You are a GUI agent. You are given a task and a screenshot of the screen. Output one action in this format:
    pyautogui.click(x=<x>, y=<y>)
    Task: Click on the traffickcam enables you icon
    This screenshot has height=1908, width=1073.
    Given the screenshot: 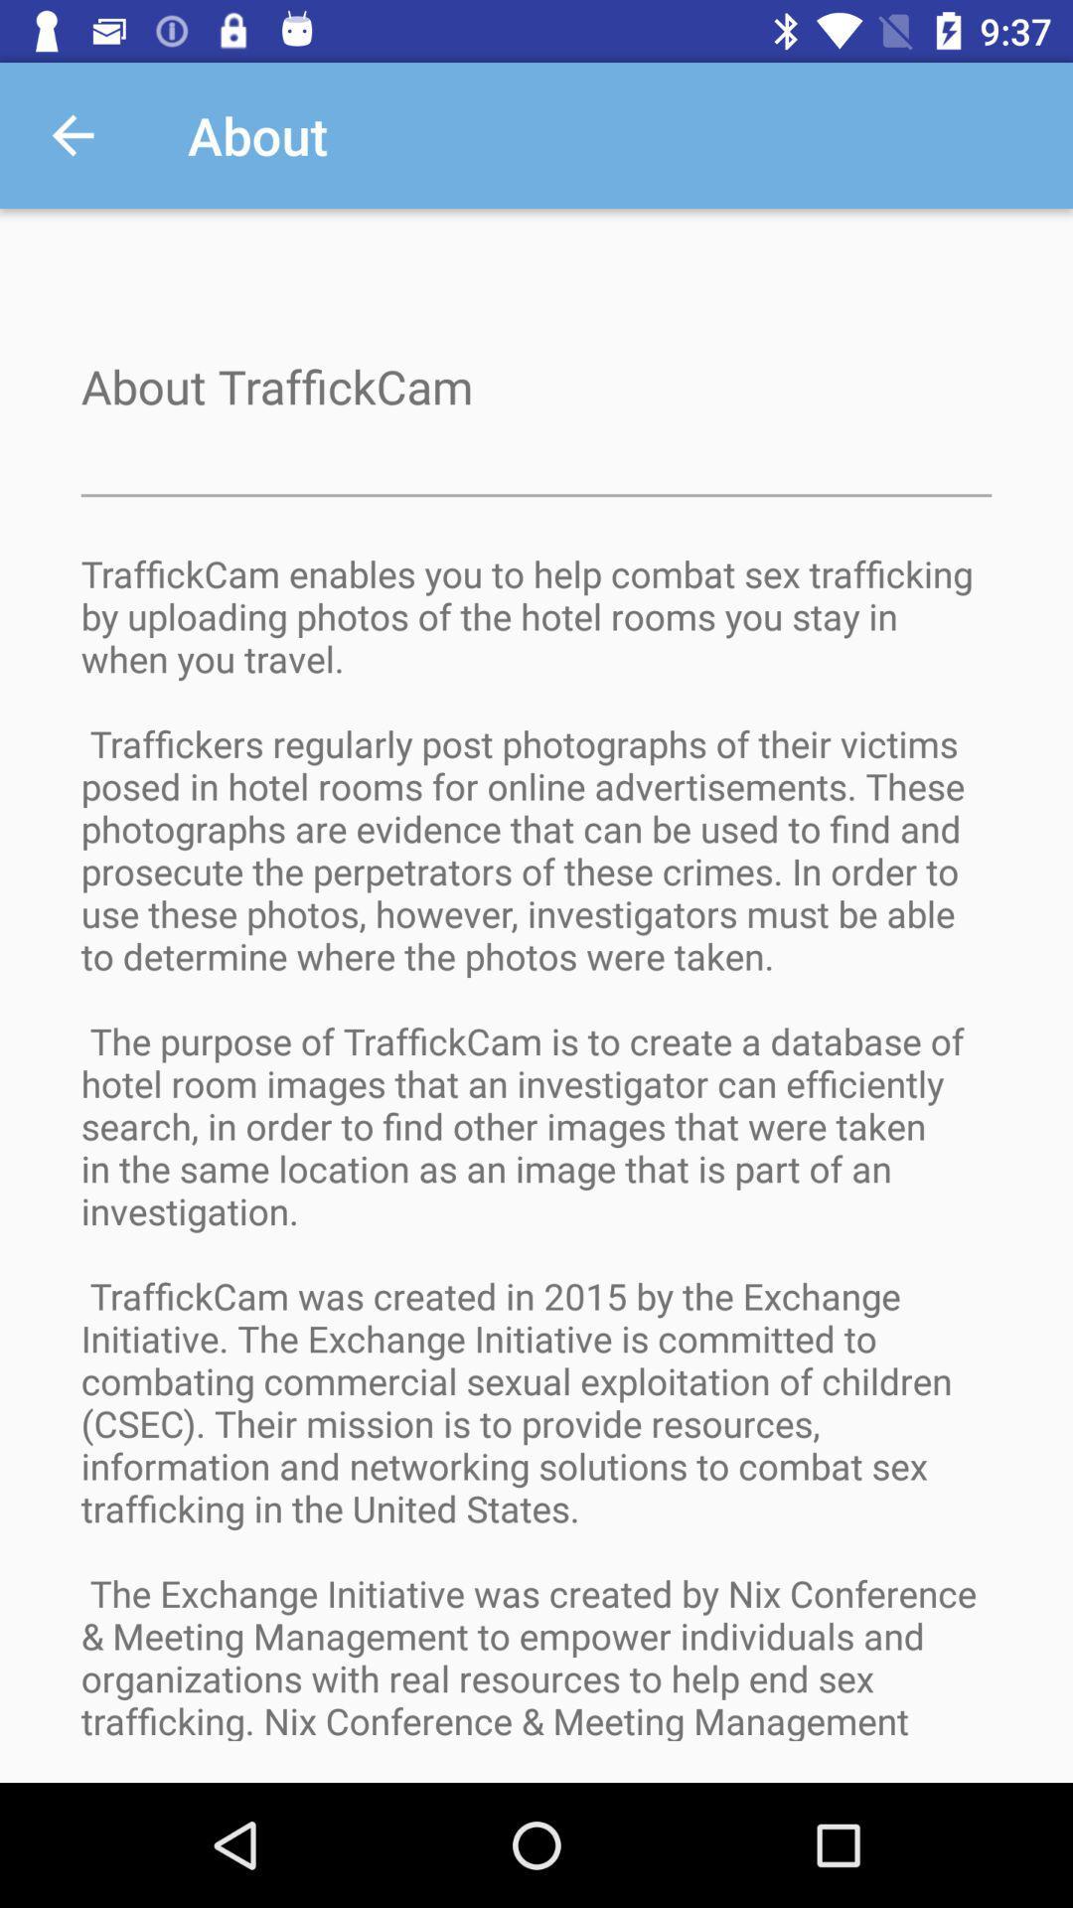 What is the action you would take?
    pyautogui.click(x=536, y=1166)
    